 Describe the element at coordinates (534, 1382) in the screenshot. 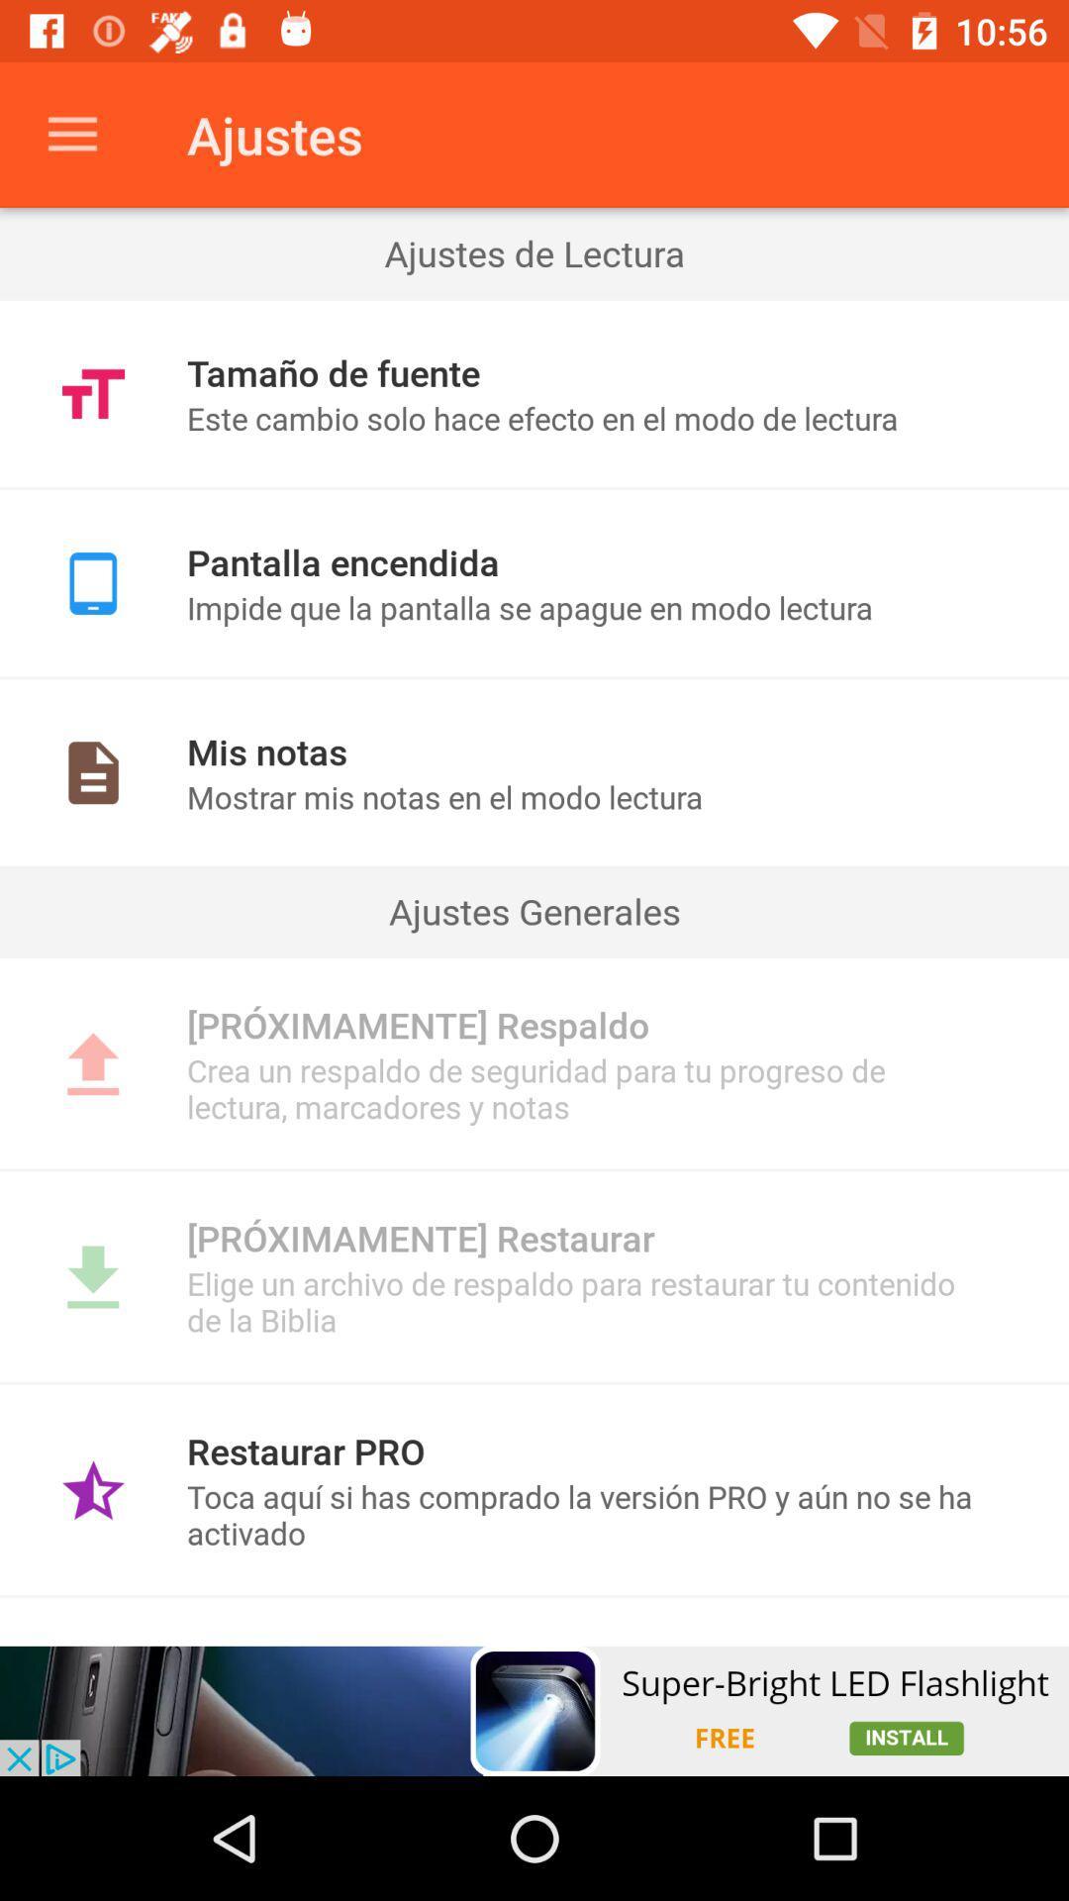

I see `icon below elige un archivo icon` at that location.